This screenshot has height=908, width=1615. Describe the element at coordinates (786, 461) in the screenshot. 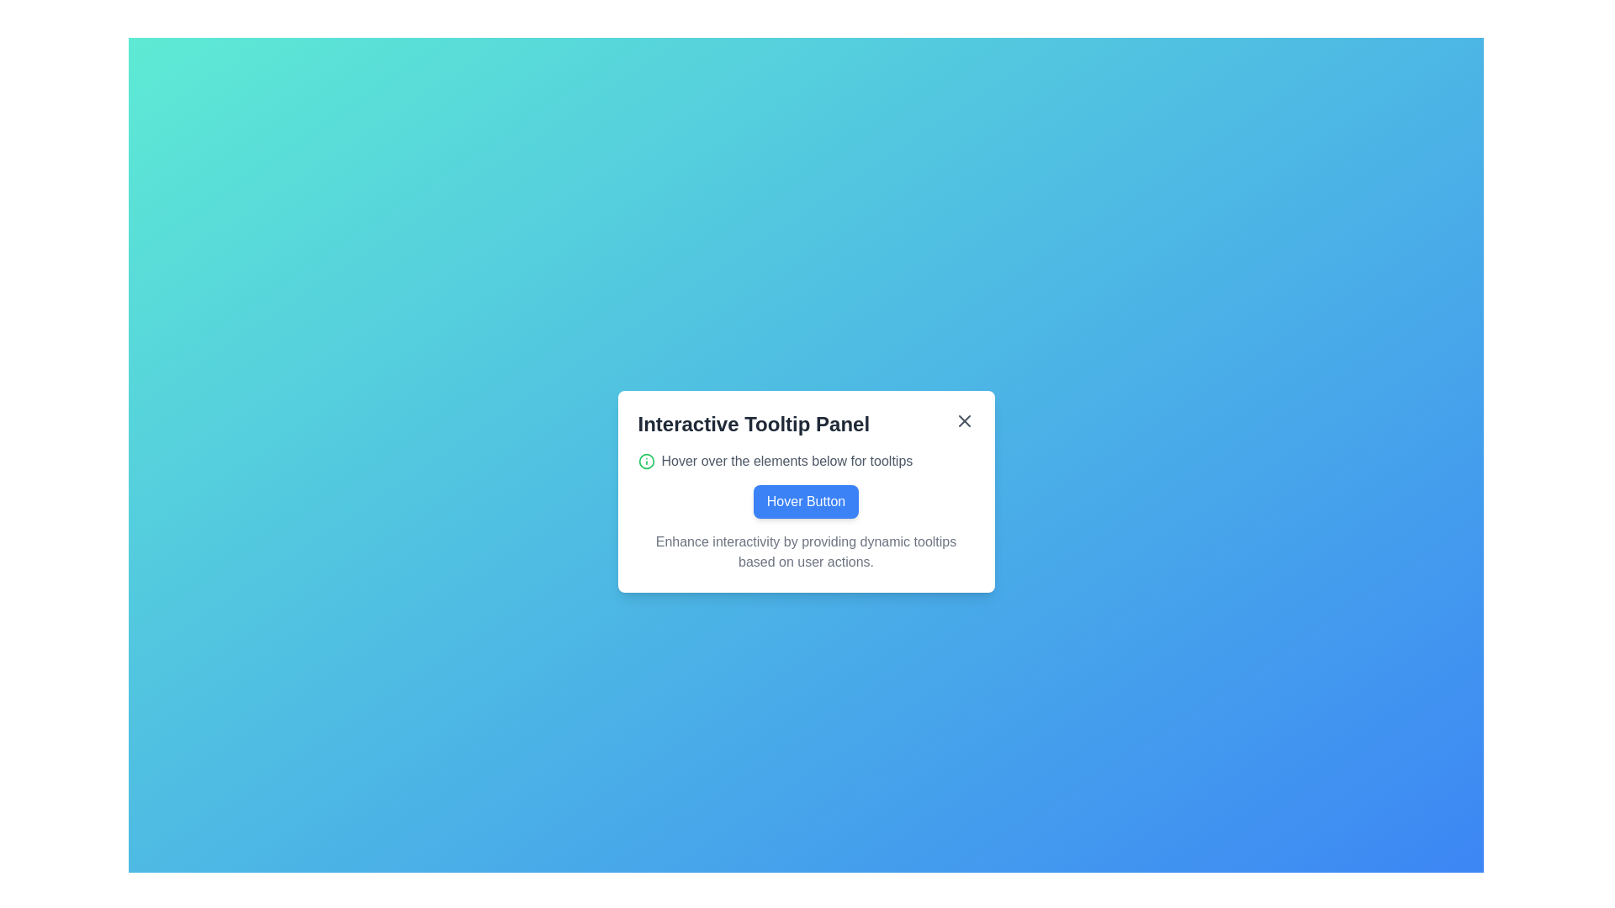

I see `the static text saying 'Hover over the elements below for tooltips' located in the dialog box titled 'Interactive Tooltip Panel'` at that location.